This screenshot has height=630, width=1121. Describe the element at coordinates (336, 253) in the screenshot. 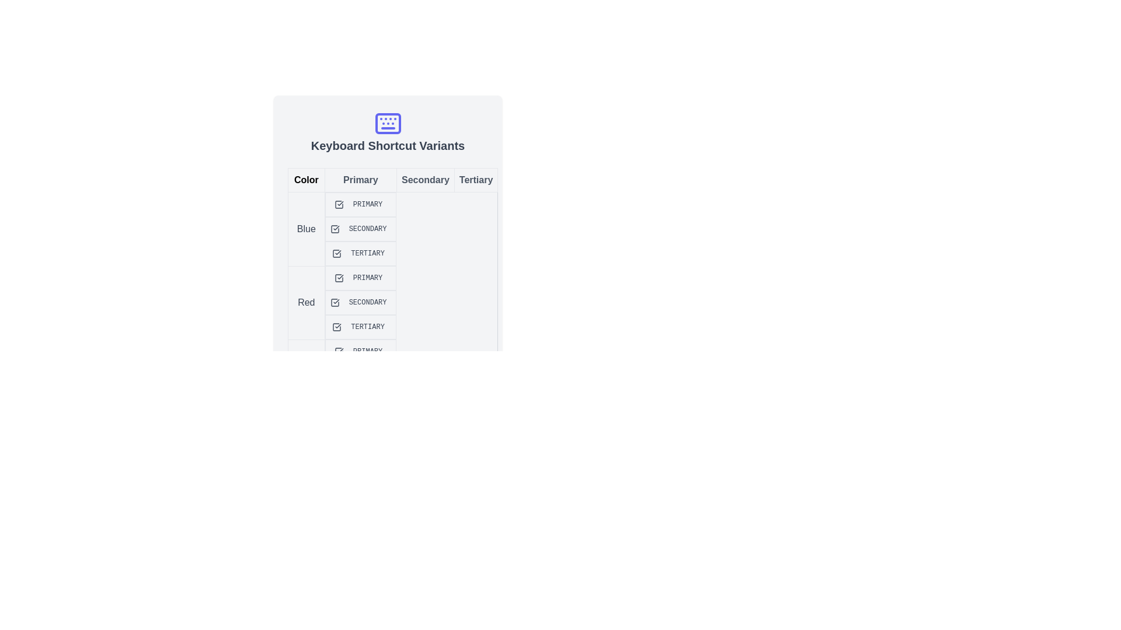

I see `the SVG checkbox indicating the 'Tertiary' selection for the 'Blue' category` at that location.